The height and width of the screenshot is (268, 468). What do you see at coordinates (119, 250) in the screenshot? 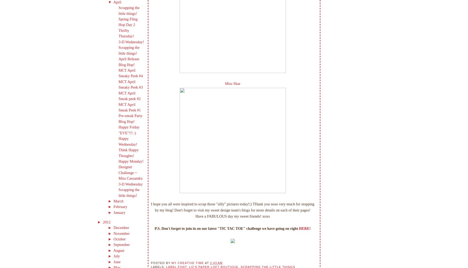
I see `'August'` at bounding box center [119, 250].